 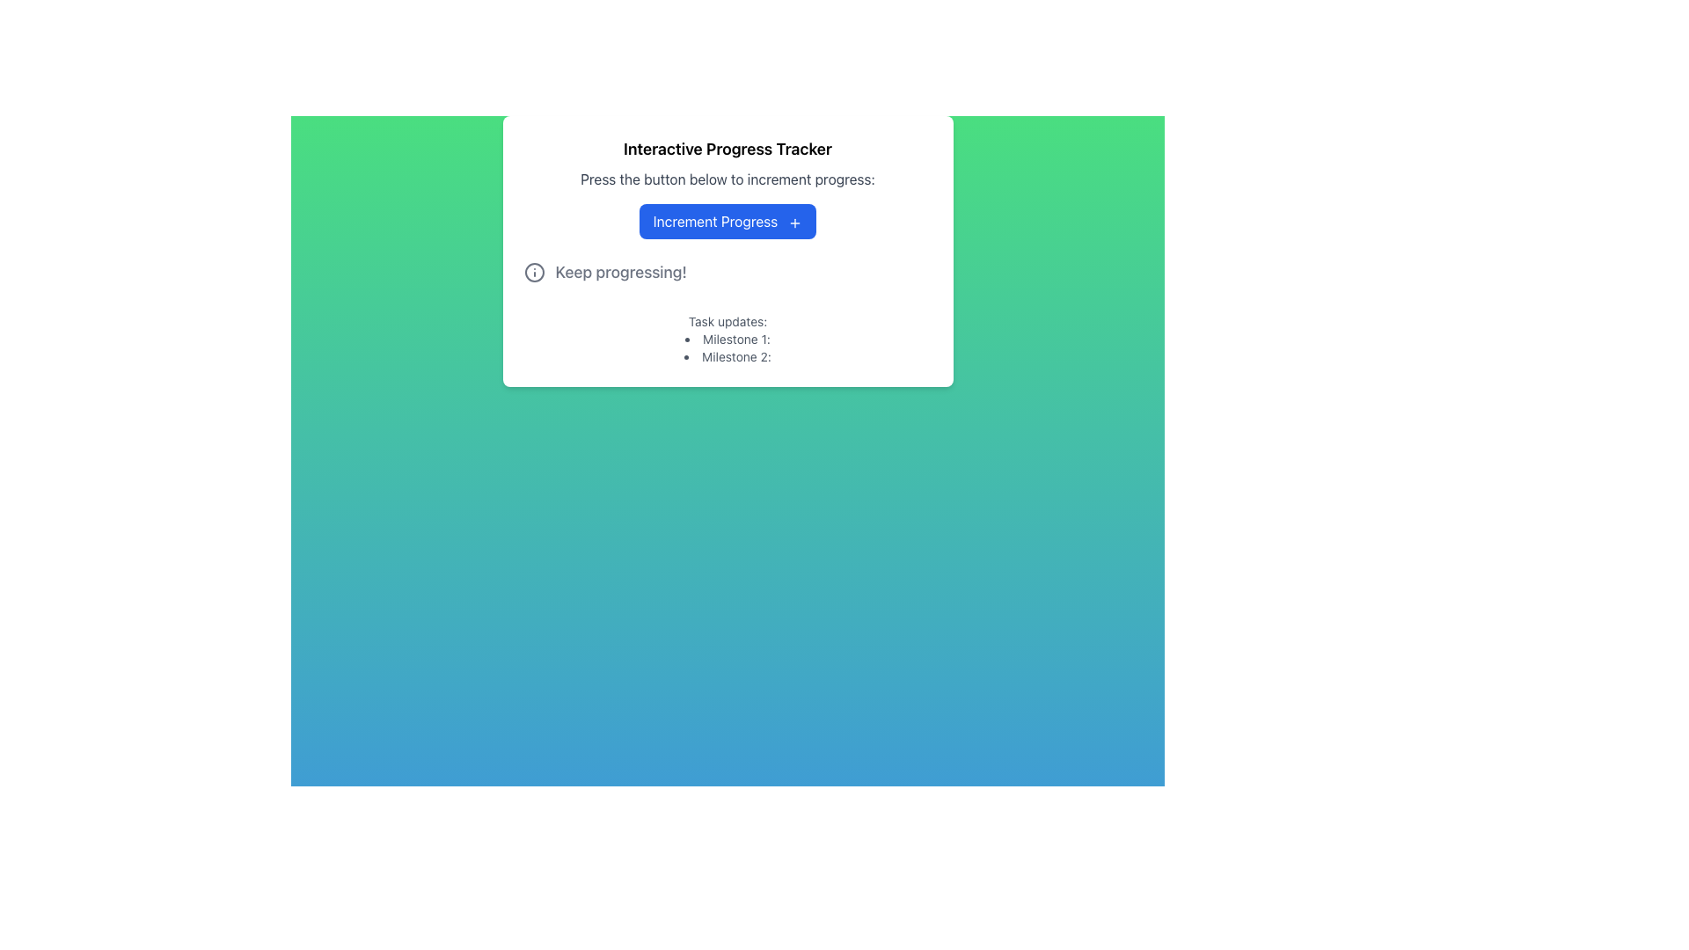 I want to click on the text element displaying 'Milestone 1:', which is styled with a dark gray font and is the first item in the list under 'Task updates', so click(x=728, y=339).